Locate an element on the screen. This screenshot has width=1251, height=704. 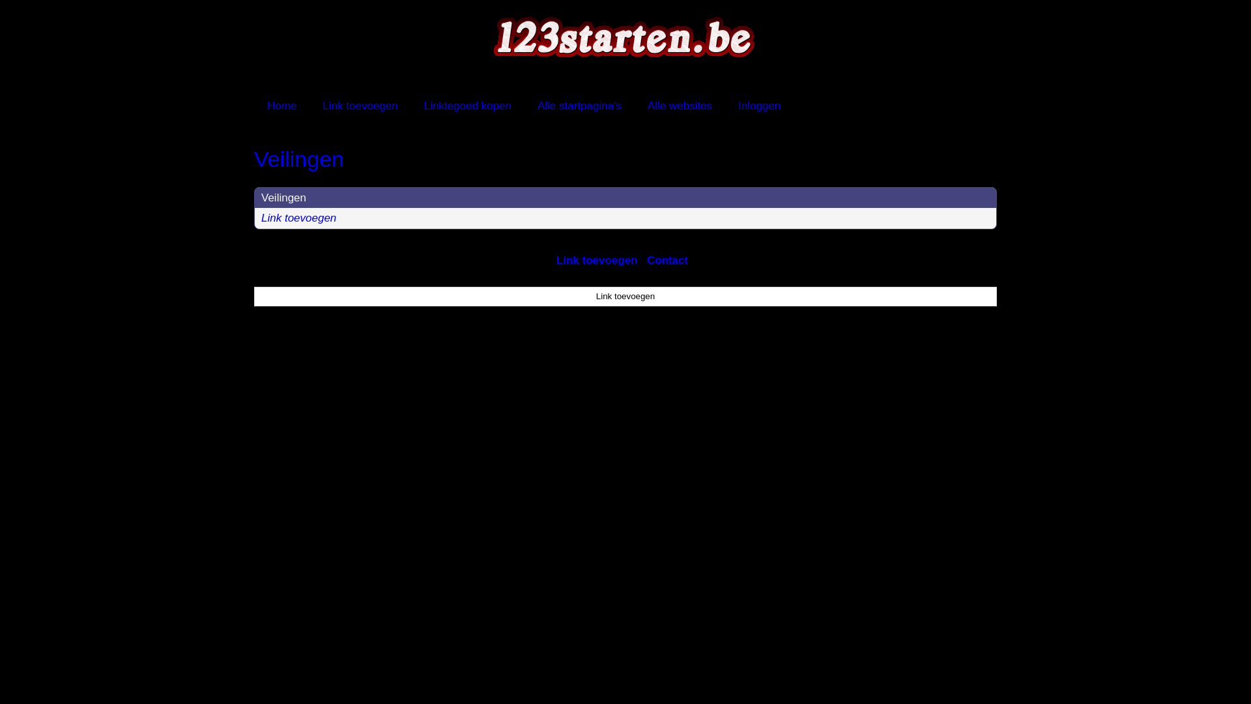
'Alle websites' is located at coordinates (679, 105).